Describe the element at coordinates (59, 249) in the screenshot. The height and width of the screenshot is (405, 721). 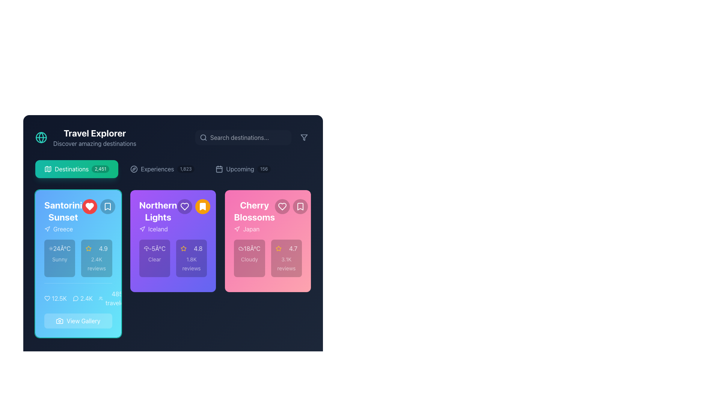
I see `the text label displaying '24°C' with the sun icon, located in the upper-left card of the layout, above the text 'Sunny'` at that location.